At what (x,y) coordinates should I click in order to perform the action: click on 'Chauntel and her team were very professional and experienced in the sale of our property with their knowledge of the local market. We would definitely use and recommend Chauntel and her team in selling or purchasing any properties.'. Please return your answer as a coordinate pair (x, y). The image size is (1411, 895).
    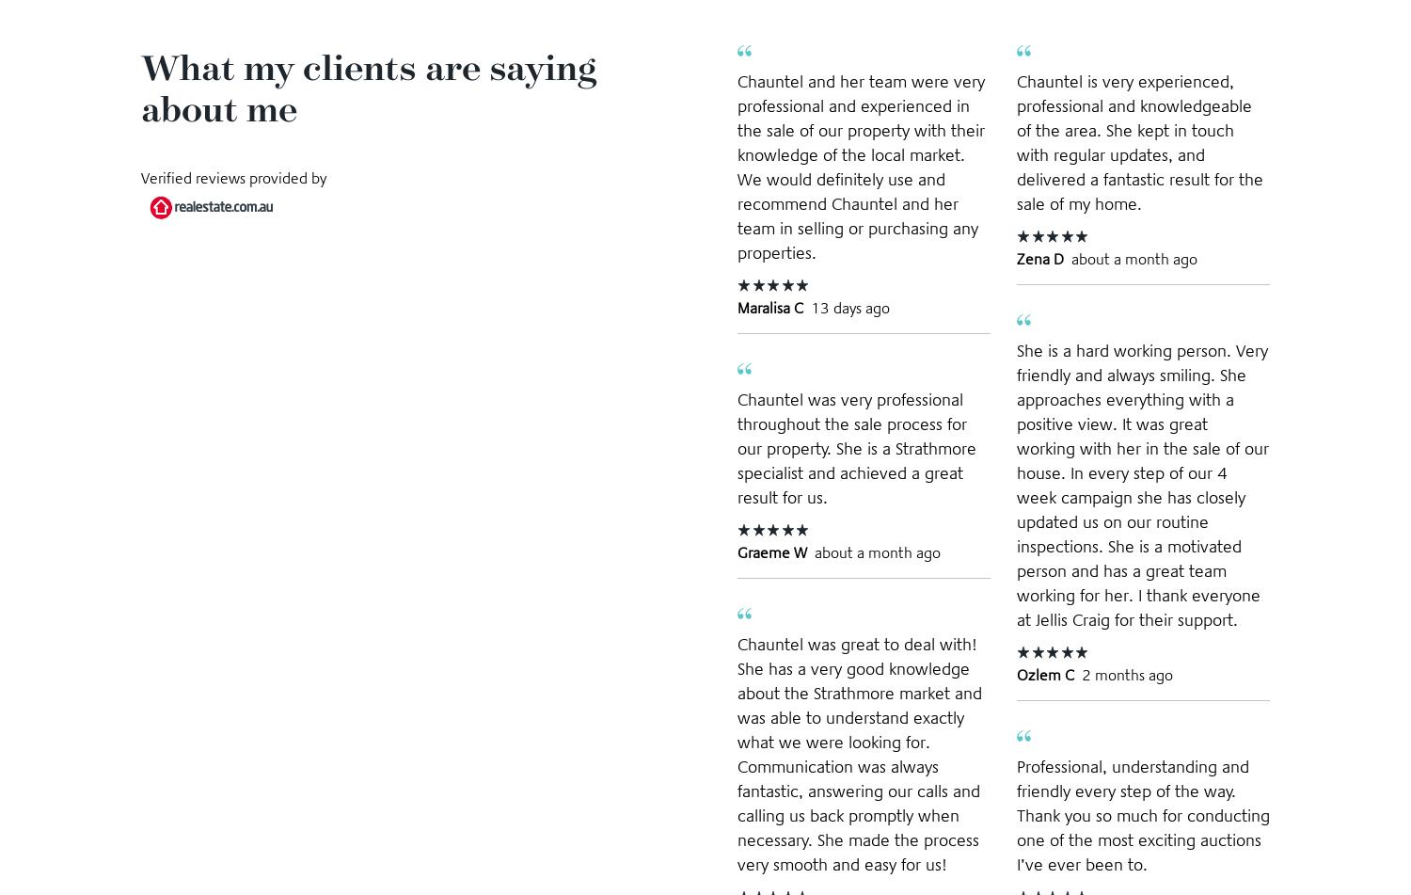
    Looking at the image, I should click on (861, 166).